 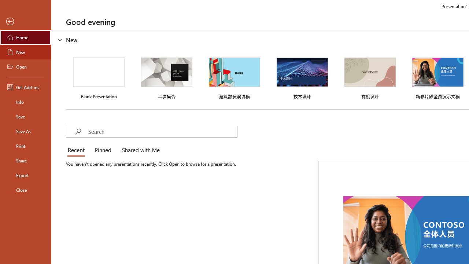 I want to click on 'Export', so click(x=25, y=175).